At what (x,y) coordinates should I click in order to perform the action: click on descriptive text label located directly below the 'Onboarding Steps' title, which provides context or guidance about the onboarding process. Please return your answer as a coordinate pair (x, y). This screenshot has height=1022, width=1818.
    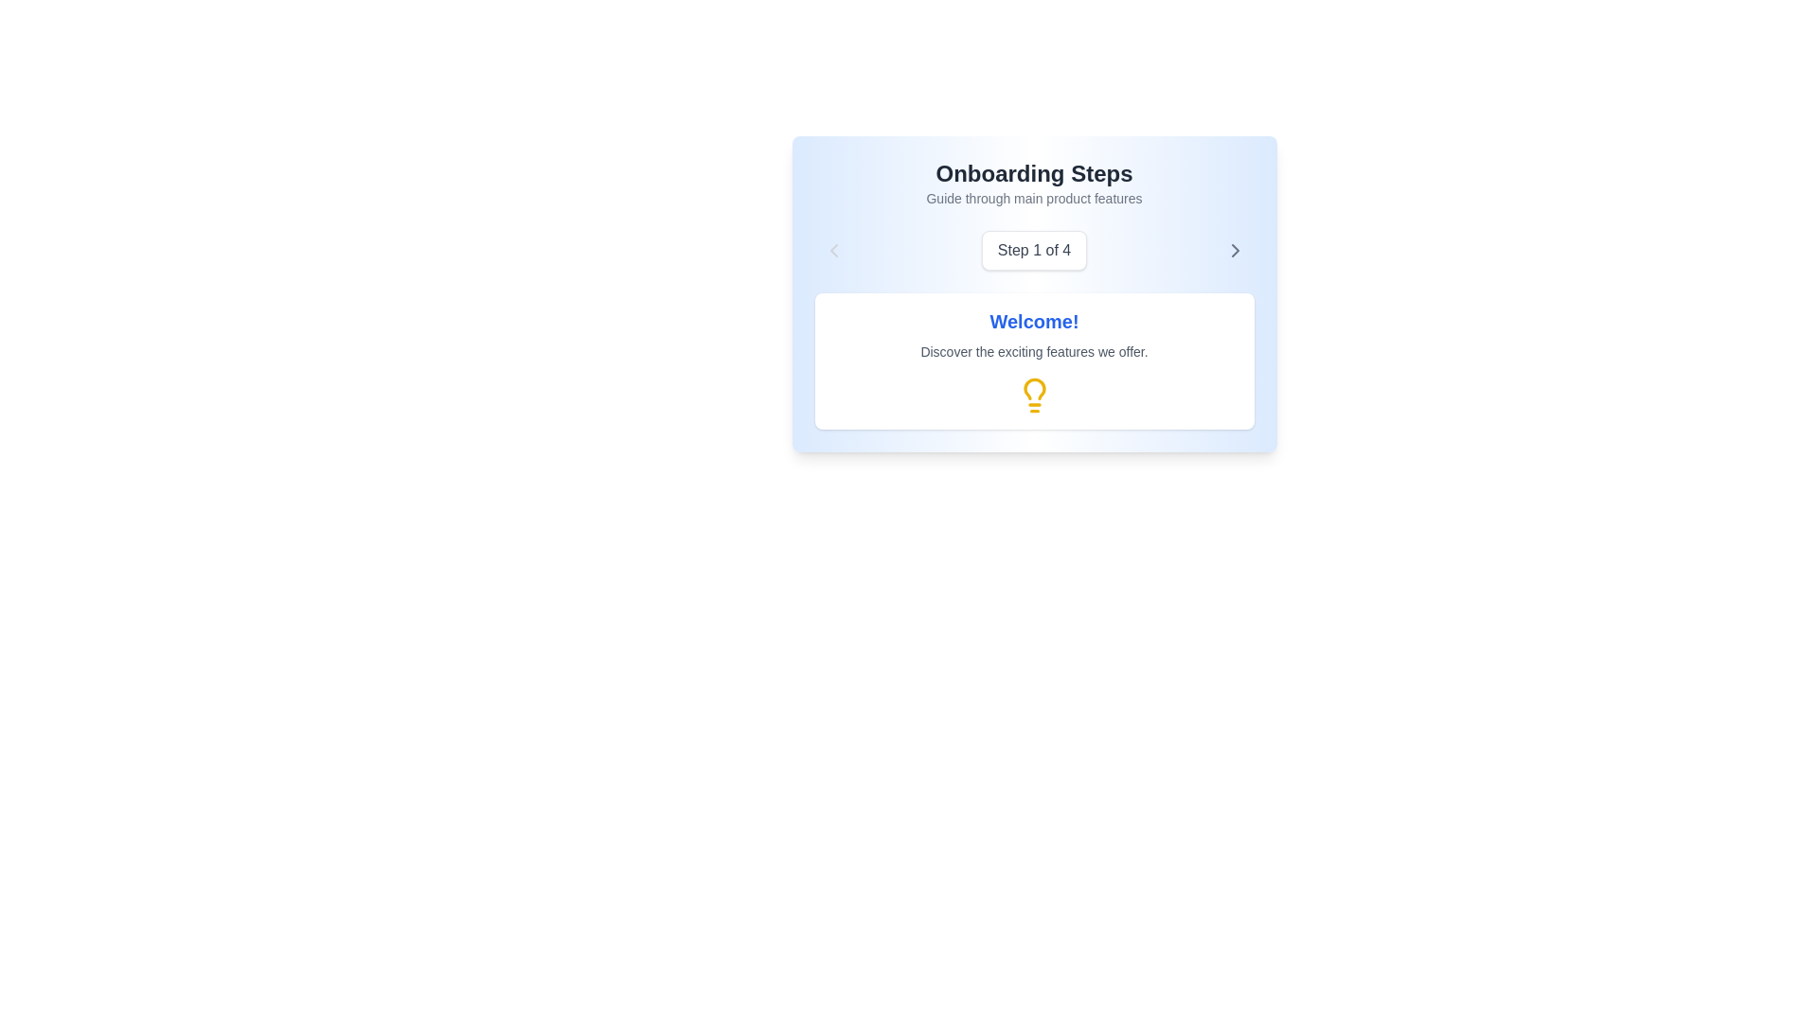
    Looking at the image, I should click on (1033, 198).